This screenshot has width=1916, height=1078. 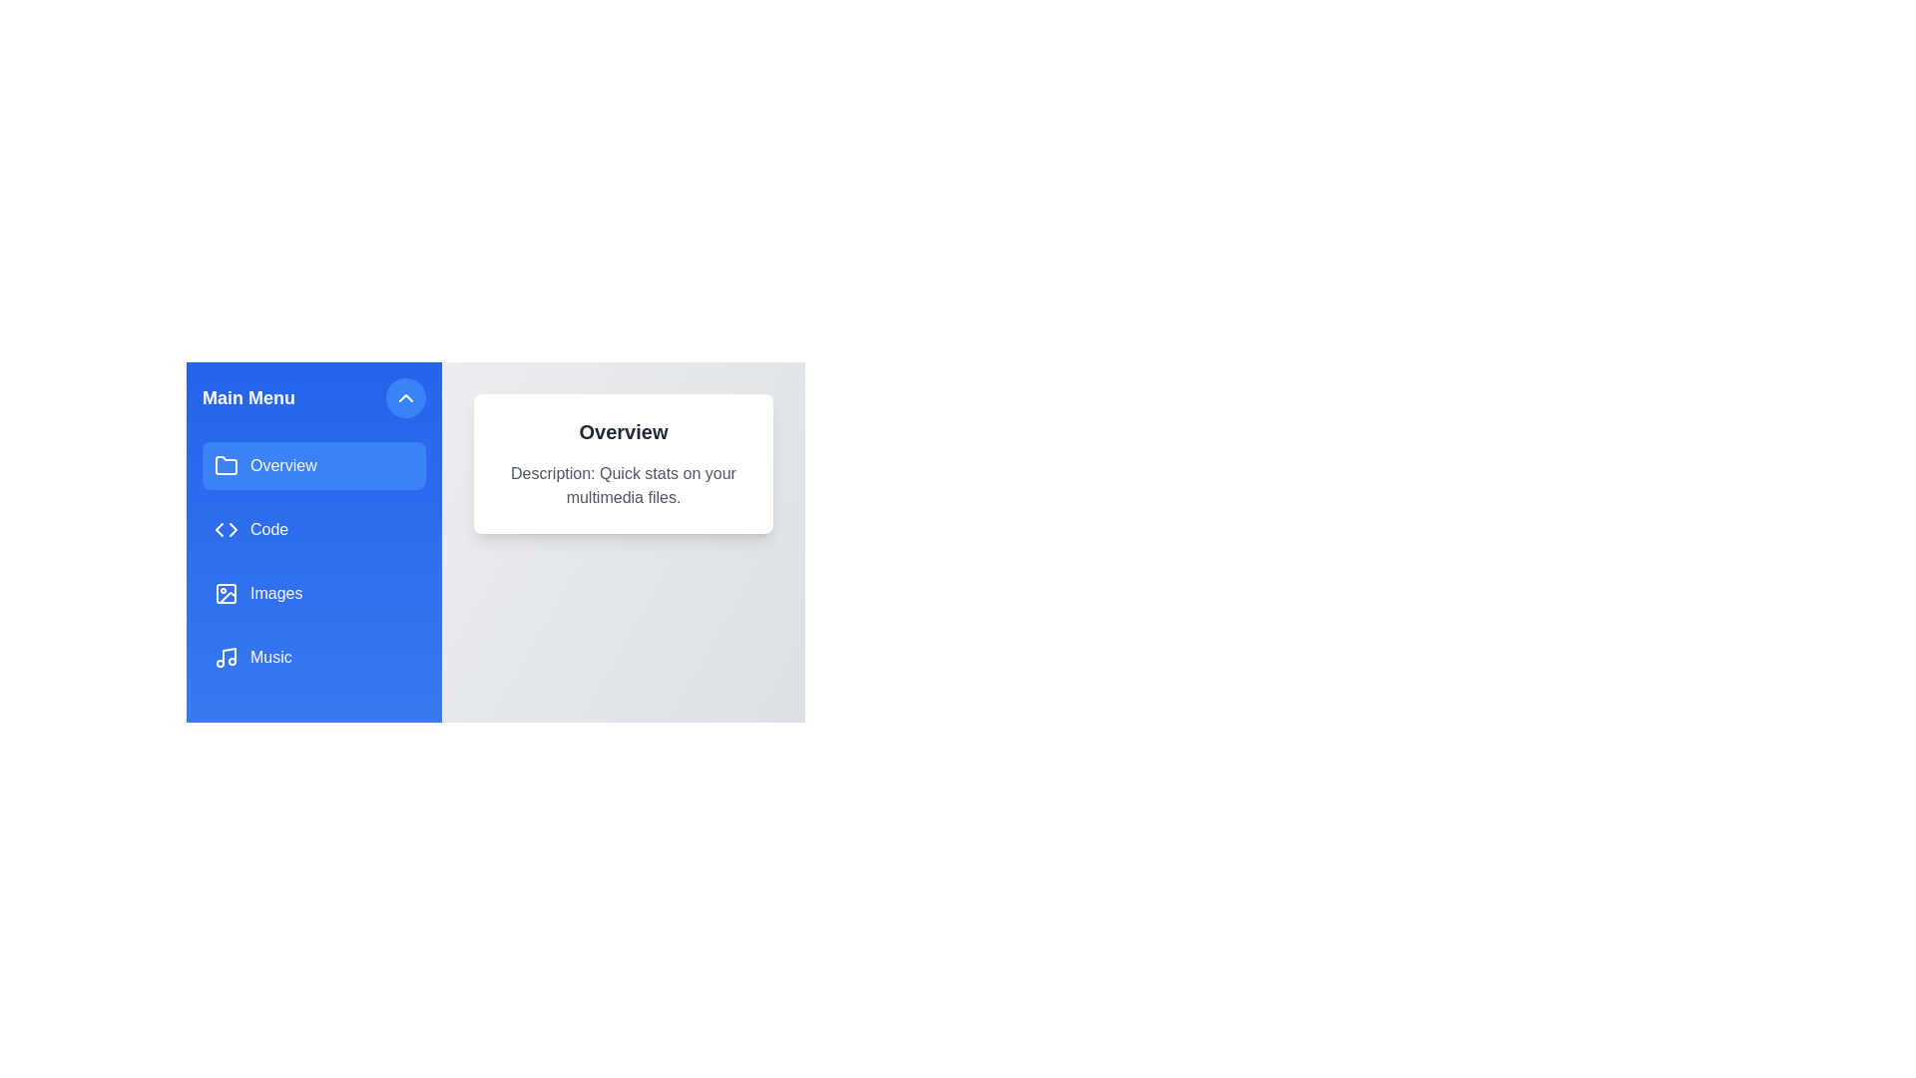 I want to click on leftward-pointing chevron SVG graphical element inside the 'Code' menu item in the vertical menu bar on the left, so click(x=220, y=529).